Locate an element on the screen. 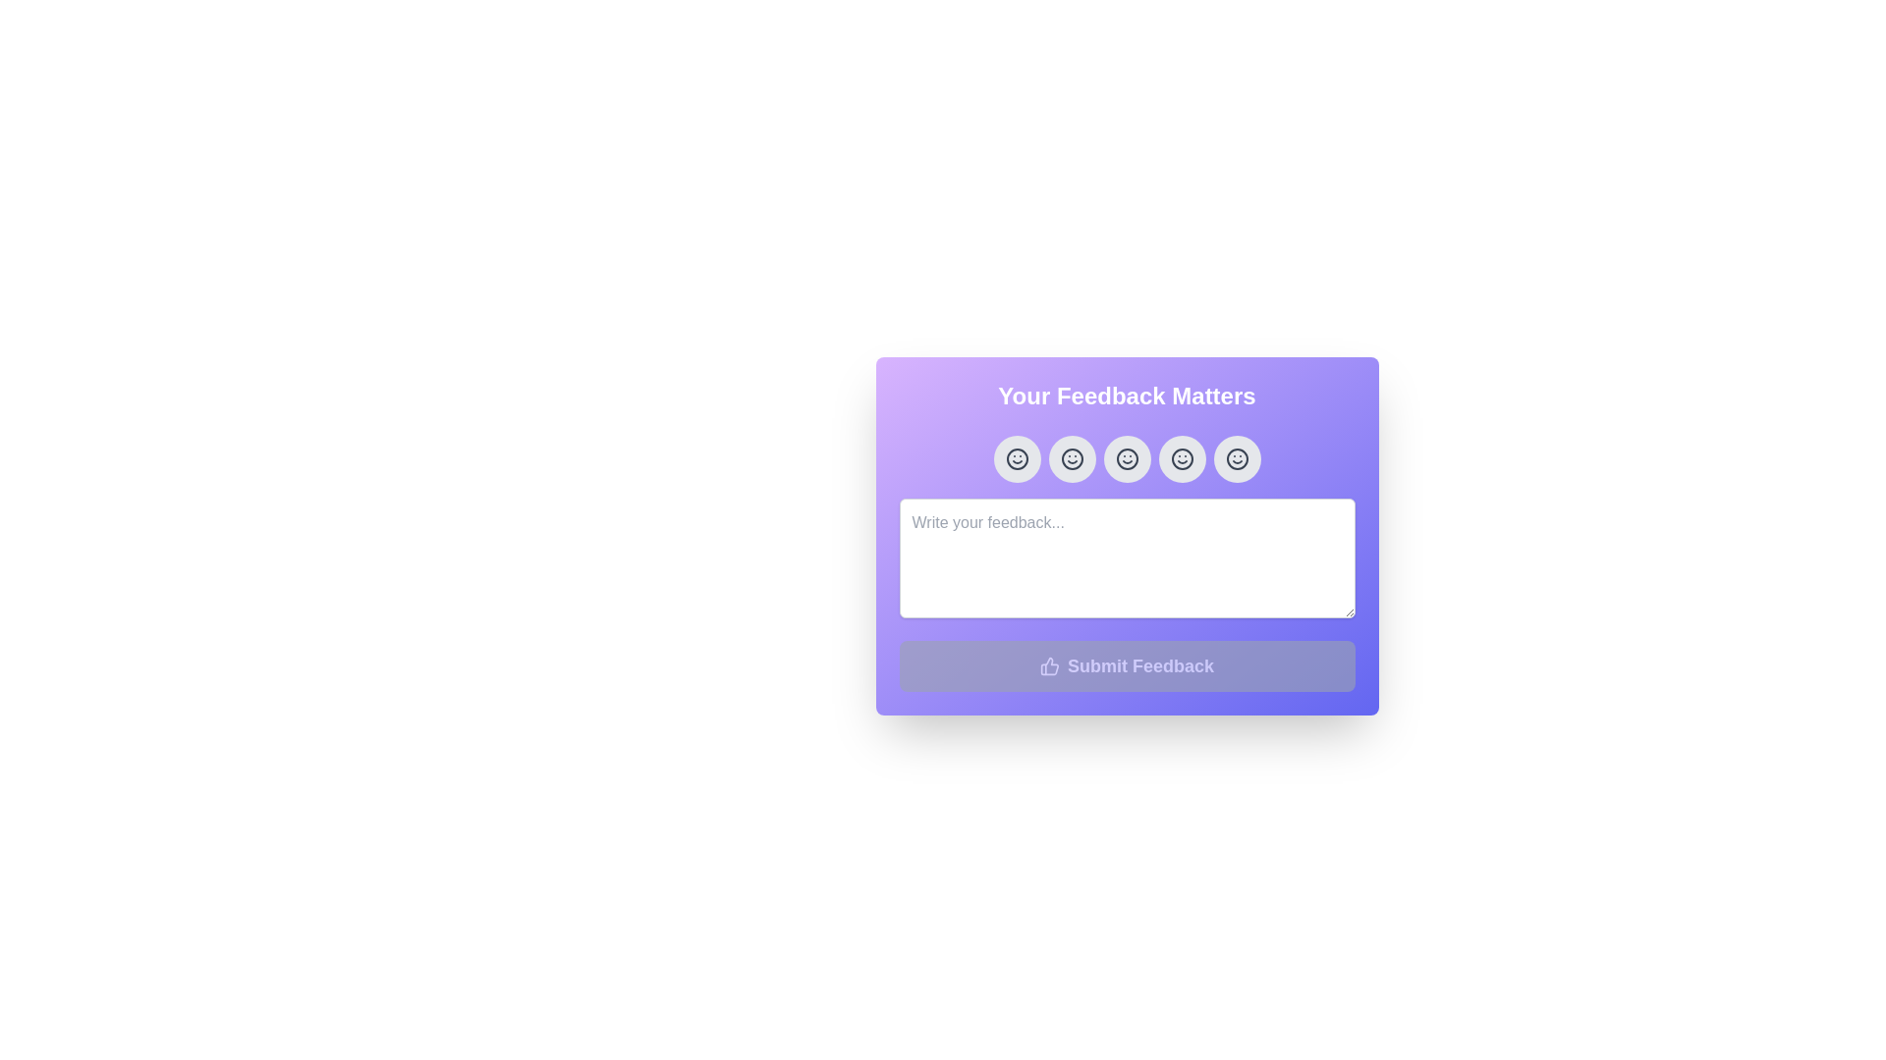 The height and width of the screenshot is (1060, 1886). the static text element that serves as the title of the feedback card, located at the top of the feedback interface is located at coordinates (1127, 397).